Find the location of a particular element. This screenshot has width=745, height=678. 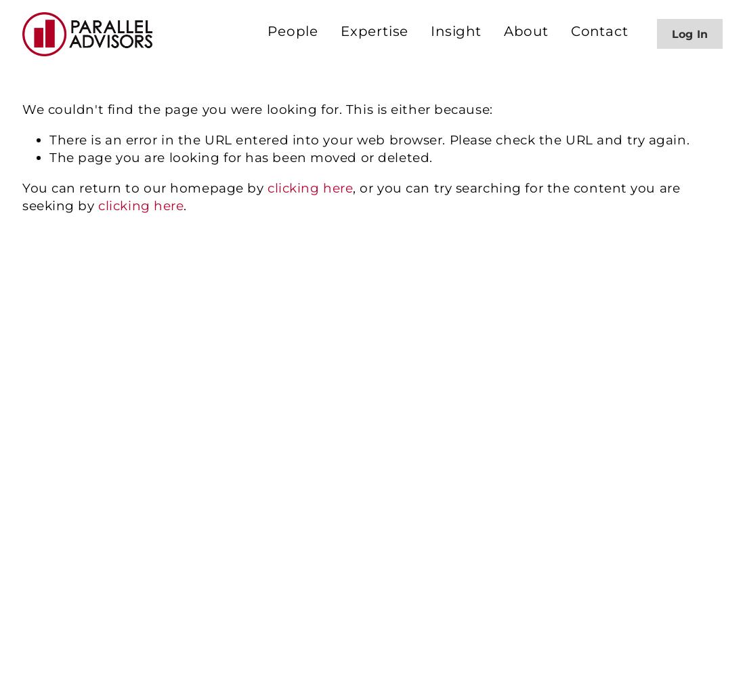

'About' is located at coordinates (526, 31).